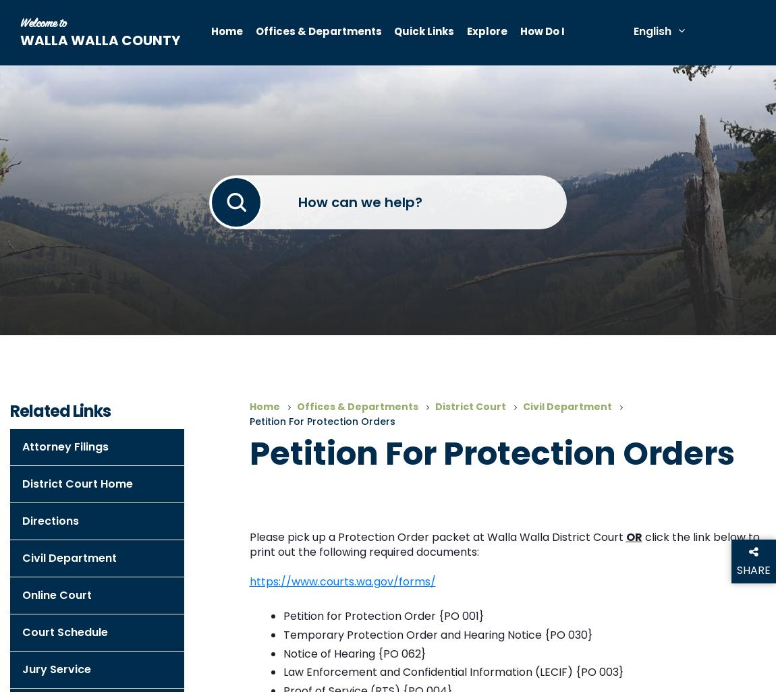 The image size is (776, 692). What do you see at coordinates (466, 31) in the screenshot?
I see `'Explore'` at bounding box center [466, 31].